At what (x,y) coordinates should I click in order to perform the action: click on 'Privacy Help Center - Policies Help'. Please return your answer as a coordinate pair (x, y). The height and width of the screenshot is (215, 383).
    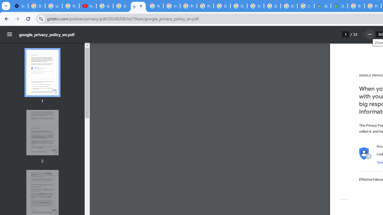
    Looking at the image, I should click on (188, 6).